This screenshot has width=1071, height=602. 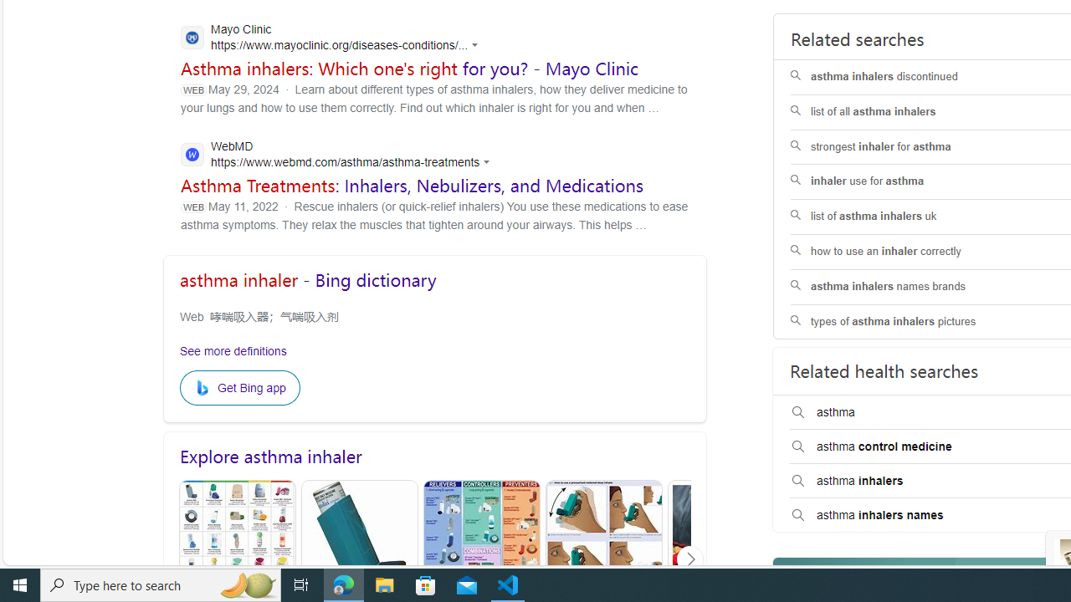 What do you see at coordinates (233, 349) in the screenshot?
I see `'See more definitions'` at bounding box center [233, 349].